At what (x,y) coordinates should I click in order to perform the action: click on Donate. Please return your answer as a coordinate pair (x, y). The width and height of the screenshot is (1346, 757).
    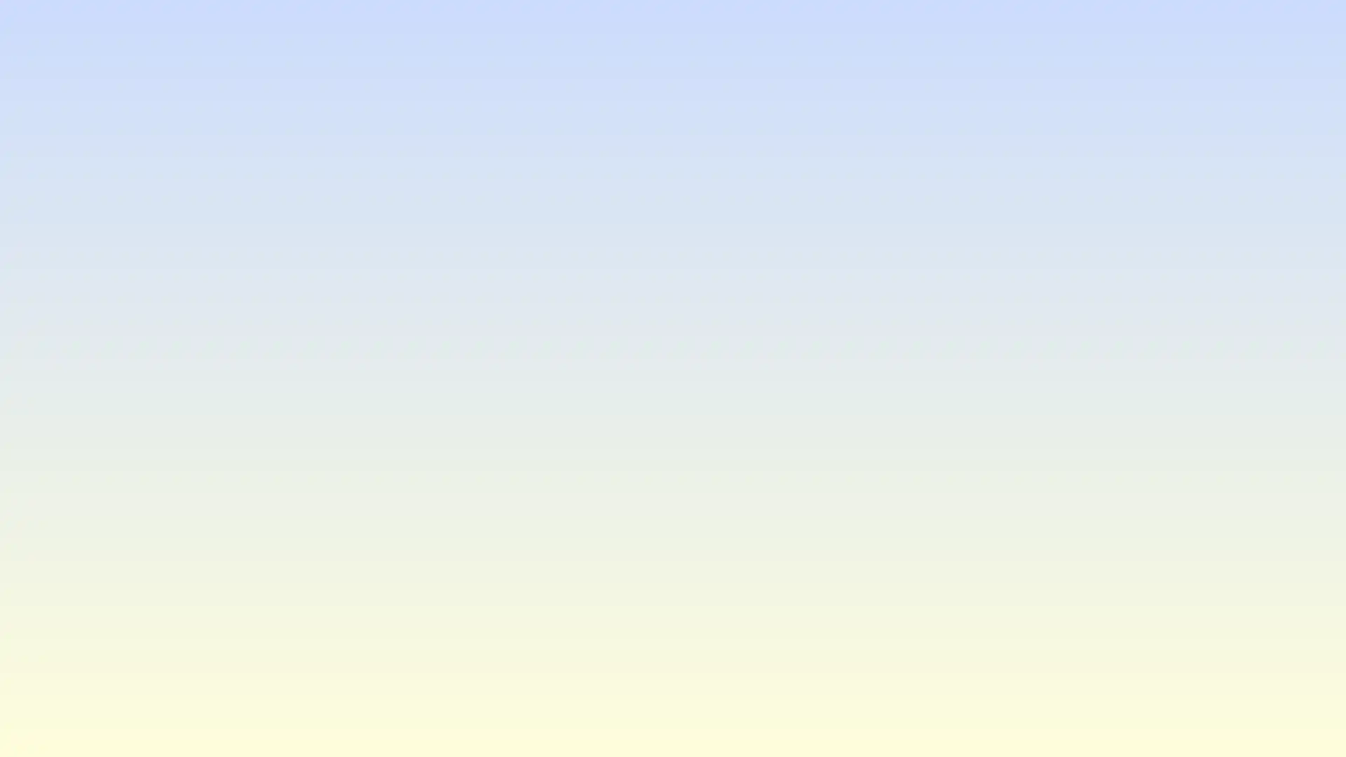
    Looking at the image, I should click on (673, 446).